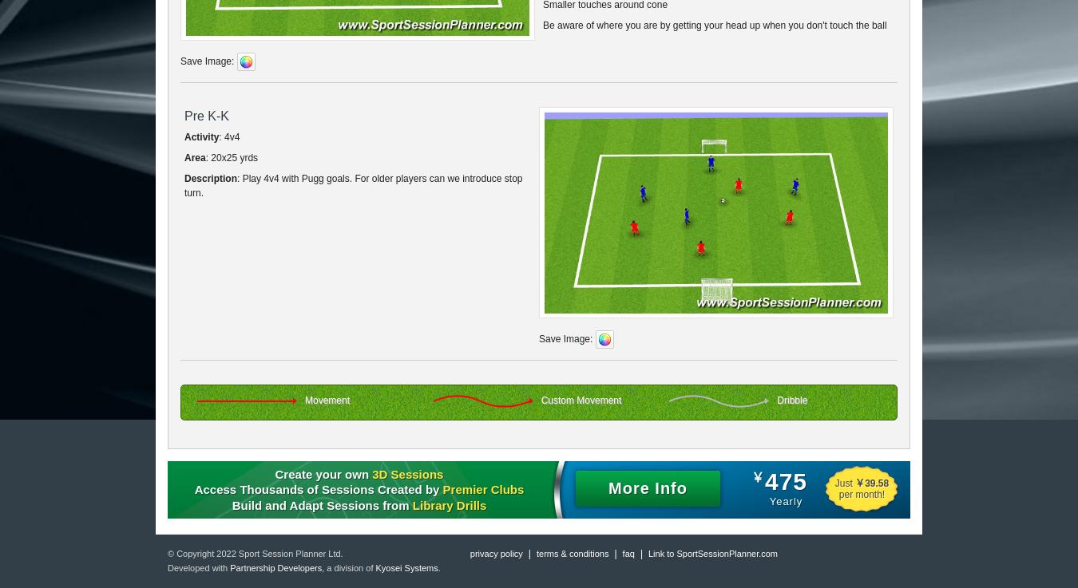  Describe the element at coordinates (323, 472) in the screenshot. I see `'Create your own'` at that location.